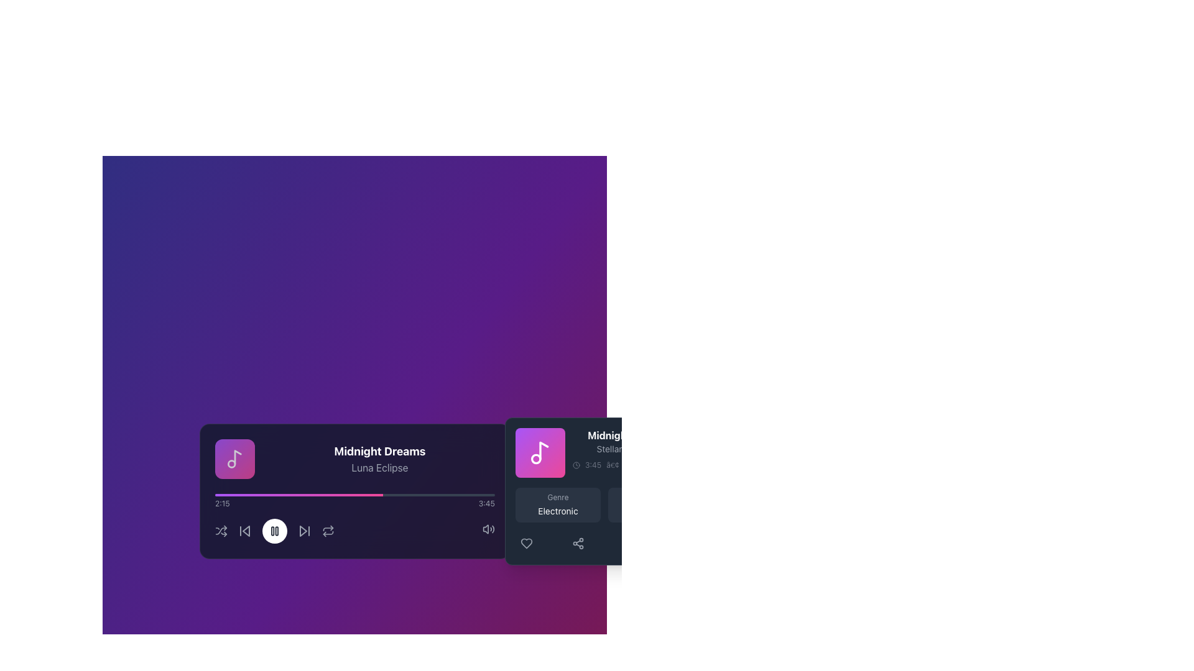  I want to click on the circular button with a white background and black pause icon, located at the center of the music control bar, so click(274, 531).